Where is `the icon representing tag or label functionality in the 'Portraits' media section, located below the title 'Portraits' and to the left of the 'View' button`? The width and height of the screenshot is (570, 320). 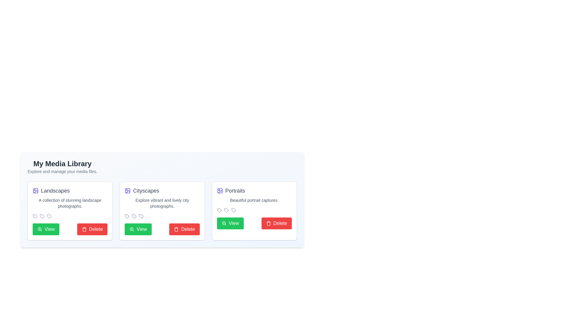 the icon representing tag or label functionality in the 'Portraits' media section, located below the title 'Portraits' and to the left of the 'View' button is located at coordinates (226, 210).